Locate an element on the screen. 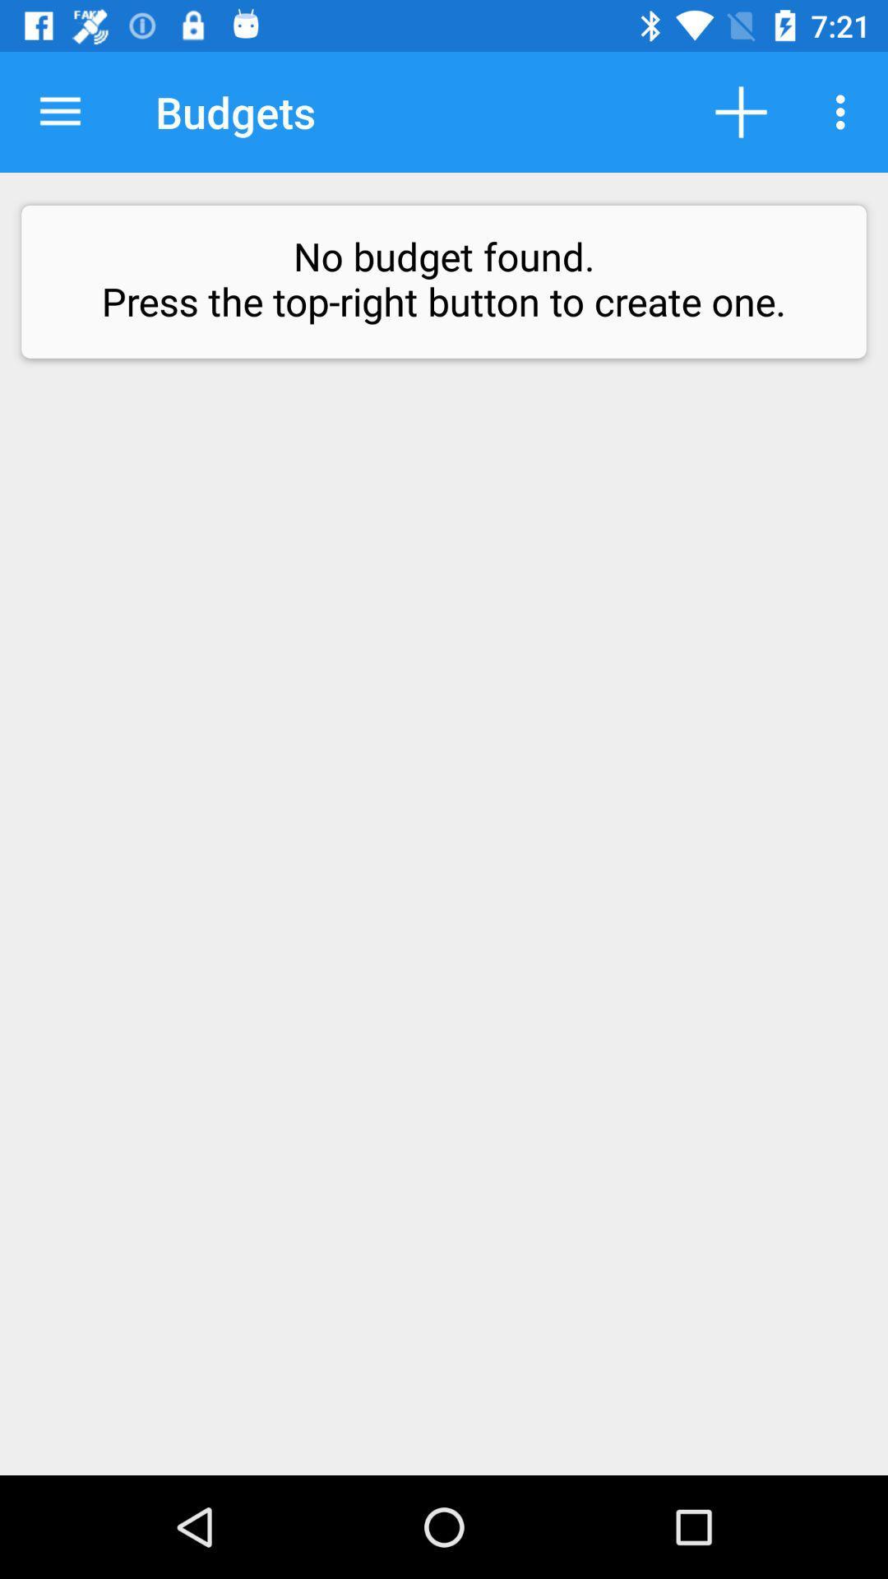 The image size is (888, 1579). icon next to budgets is located at coordinates (59, 111).